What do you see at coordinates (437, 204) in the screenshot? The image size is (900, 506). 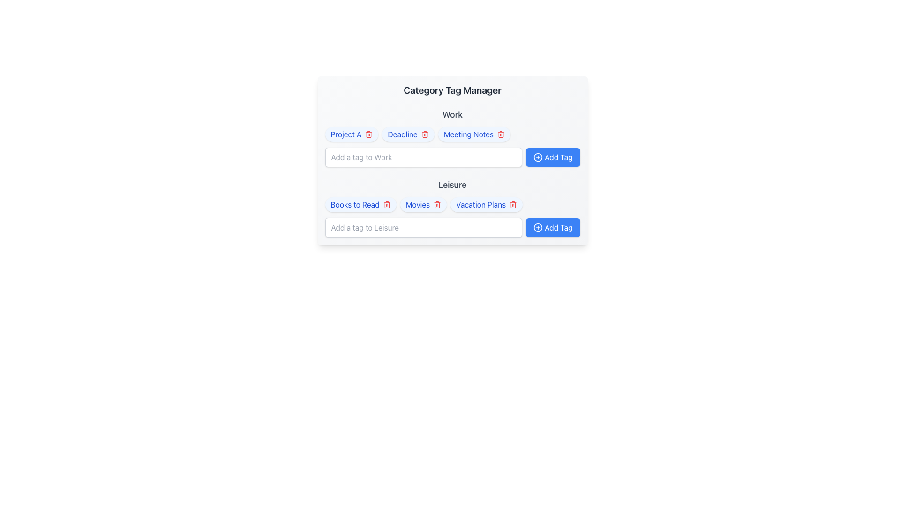 I see `the delete icon button for the 'Movies' tag to change its color, which is located to the right of the text 'Movies' in the 'Leisure' section of the Category Tag Manager` at bounding box center [437, 204].